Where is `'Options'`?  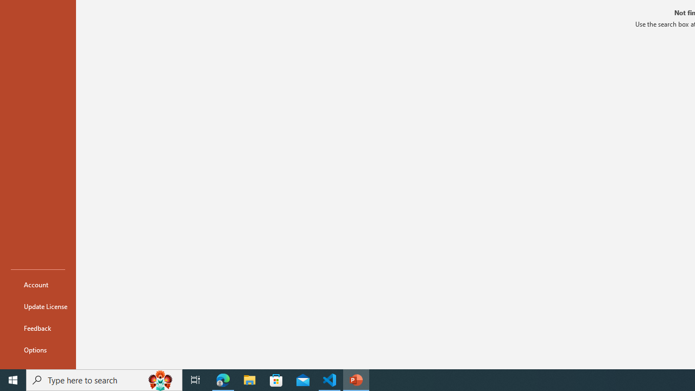
'Options' is located at coordinates (37, 350).